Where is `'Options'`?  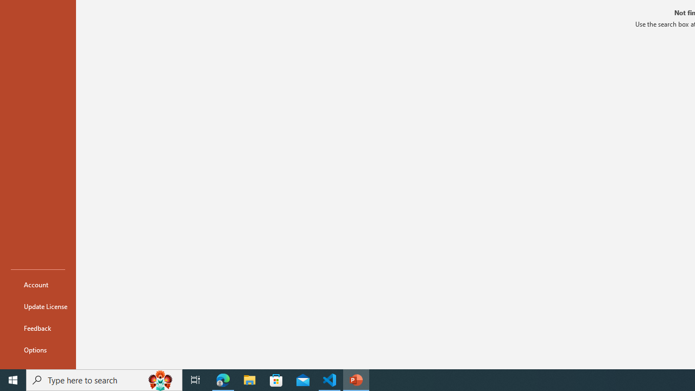
'Options' is located at coordinates (37, 350).